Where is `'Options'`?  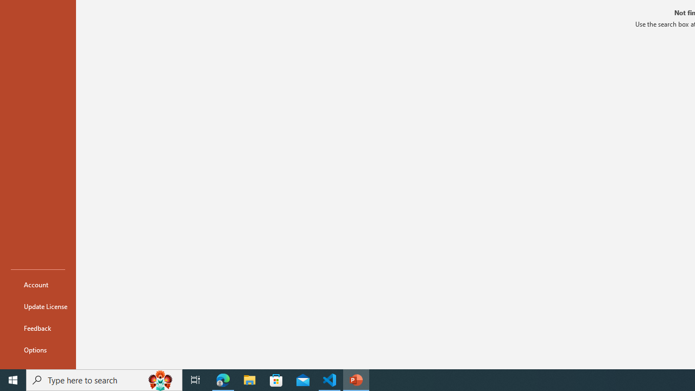
'Options' is located at coordinates (37, 350).